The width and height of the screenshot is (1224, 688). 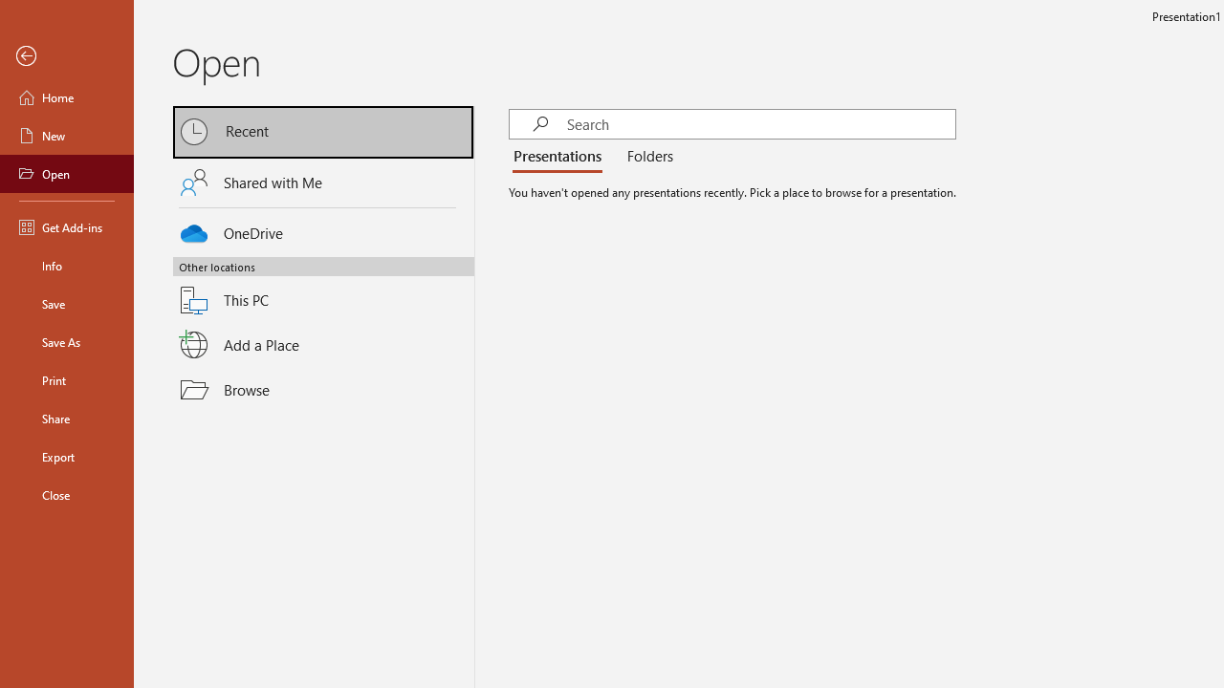 What do you see at coordinates (323, 388) in the screenshot?
I see `'Browse'` at bounding box center [323, 388].